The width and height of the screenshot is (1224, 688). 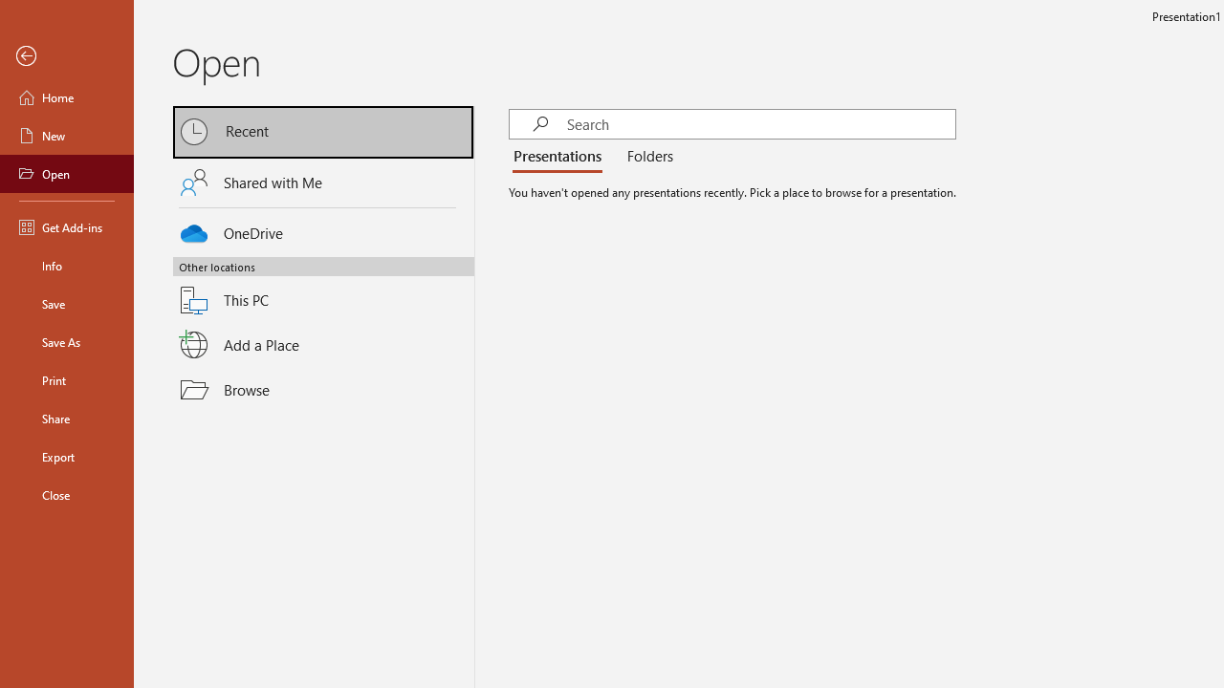 What do you see at coordinates (323, 388) in the screenshot?
I see `'Browse'` at bounding box center [323, 388].